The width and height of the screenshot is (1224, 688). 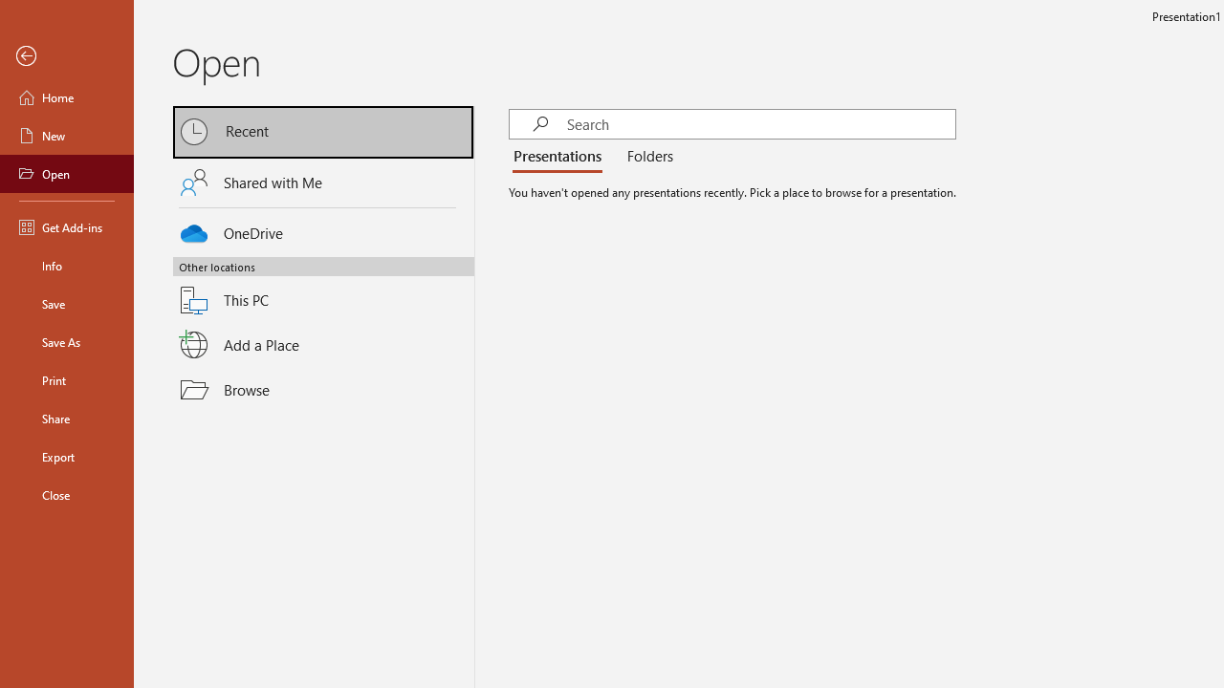 What do you see at coordinates (323, 388) in the screenshot?
I see `'Browse'` at bounding box center [323, 388].